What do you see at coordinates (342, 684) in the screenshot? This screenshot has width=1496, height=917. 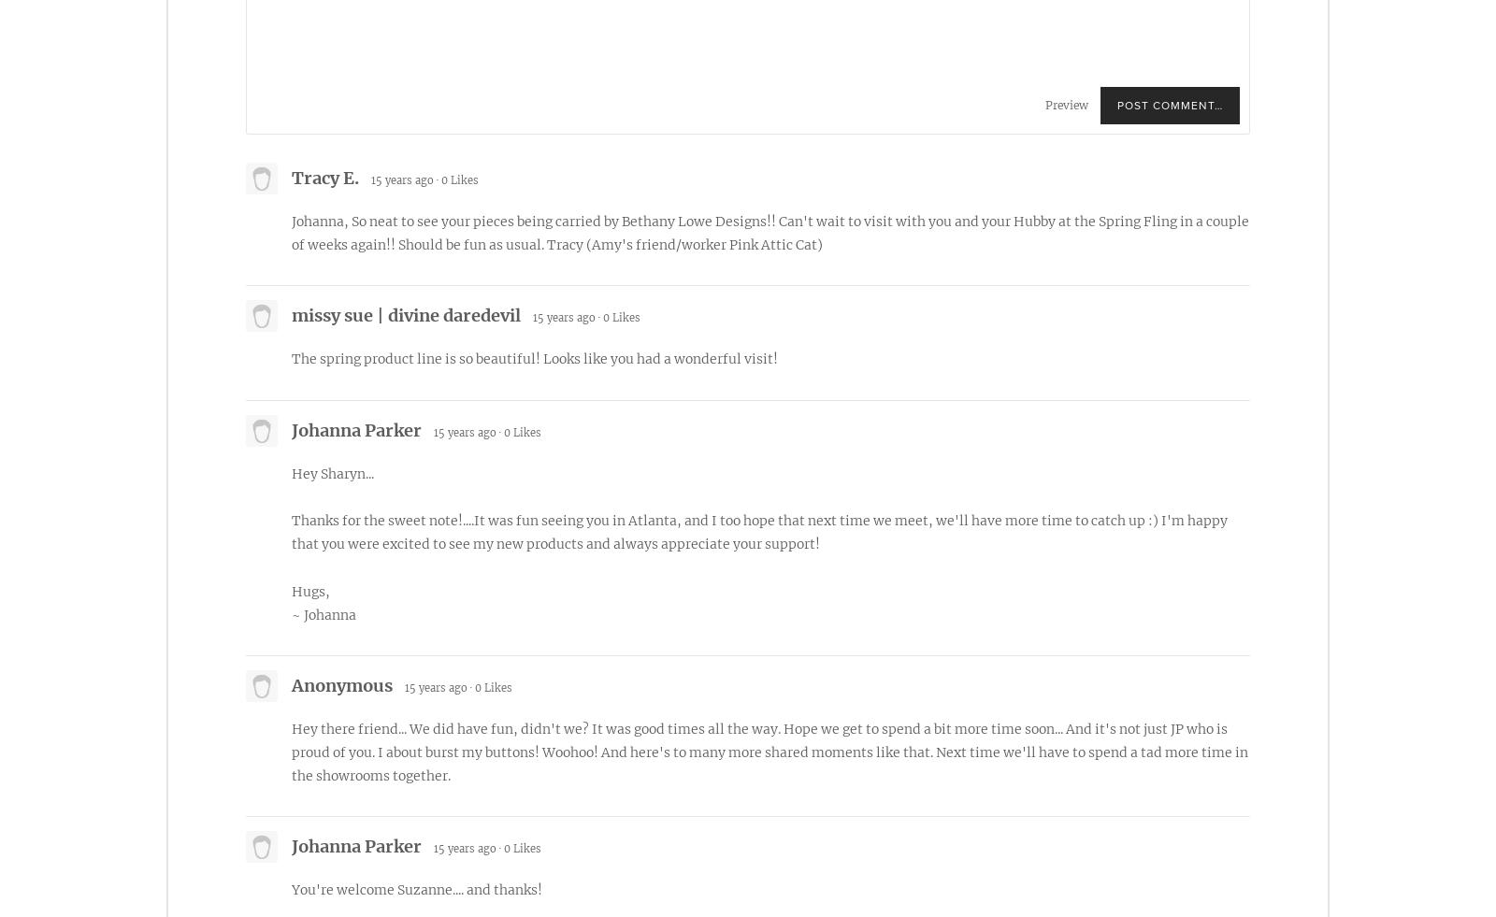 I see `'Anonymous'` at bounding box center [342, 684].